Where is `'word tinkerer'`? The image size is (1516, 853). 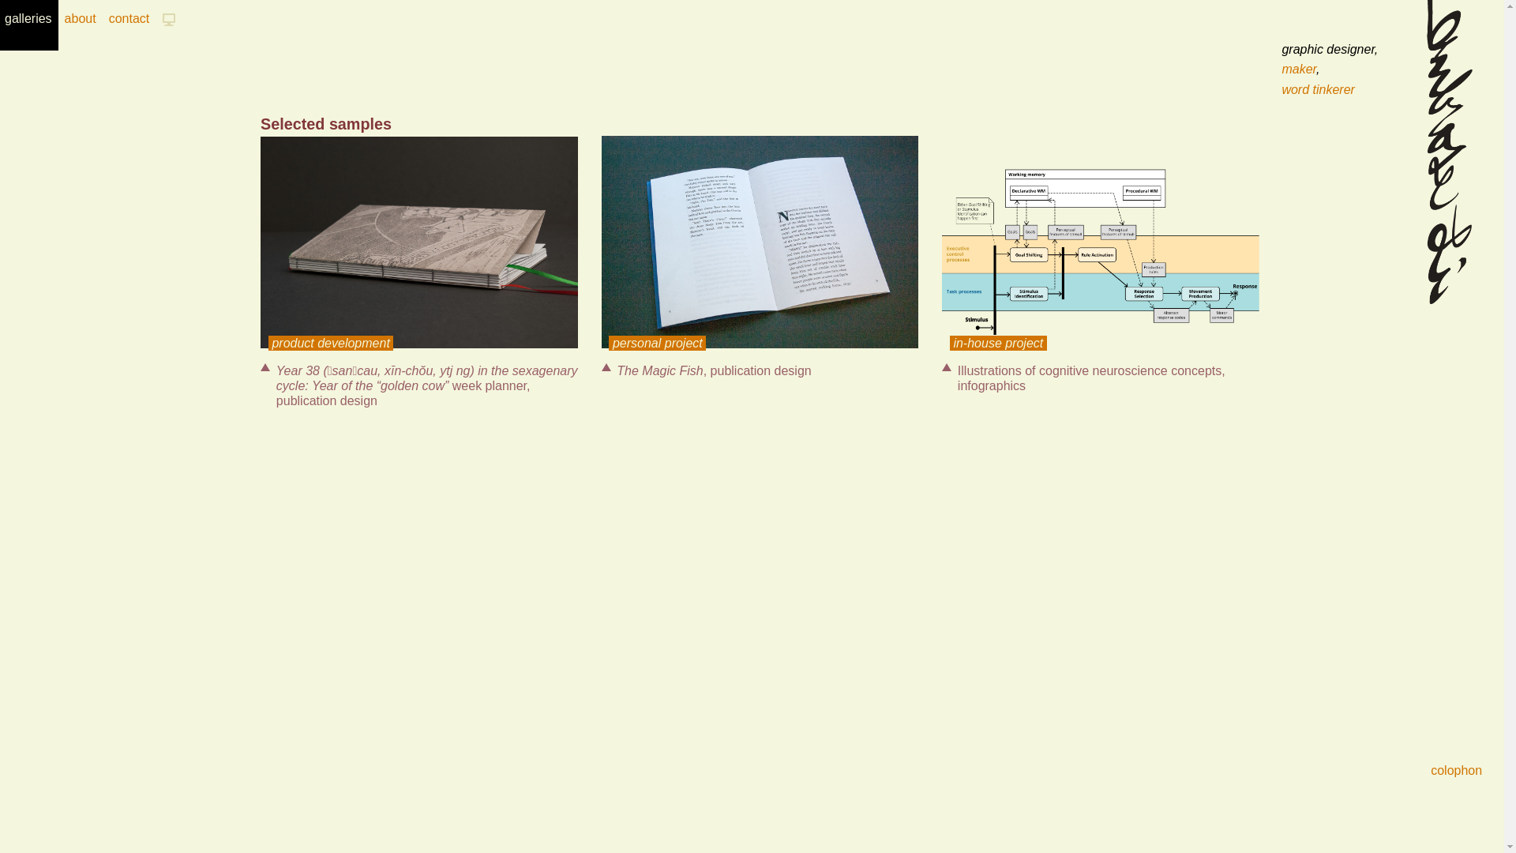 'word tinkerer' is located at coordinates (1281, 89).